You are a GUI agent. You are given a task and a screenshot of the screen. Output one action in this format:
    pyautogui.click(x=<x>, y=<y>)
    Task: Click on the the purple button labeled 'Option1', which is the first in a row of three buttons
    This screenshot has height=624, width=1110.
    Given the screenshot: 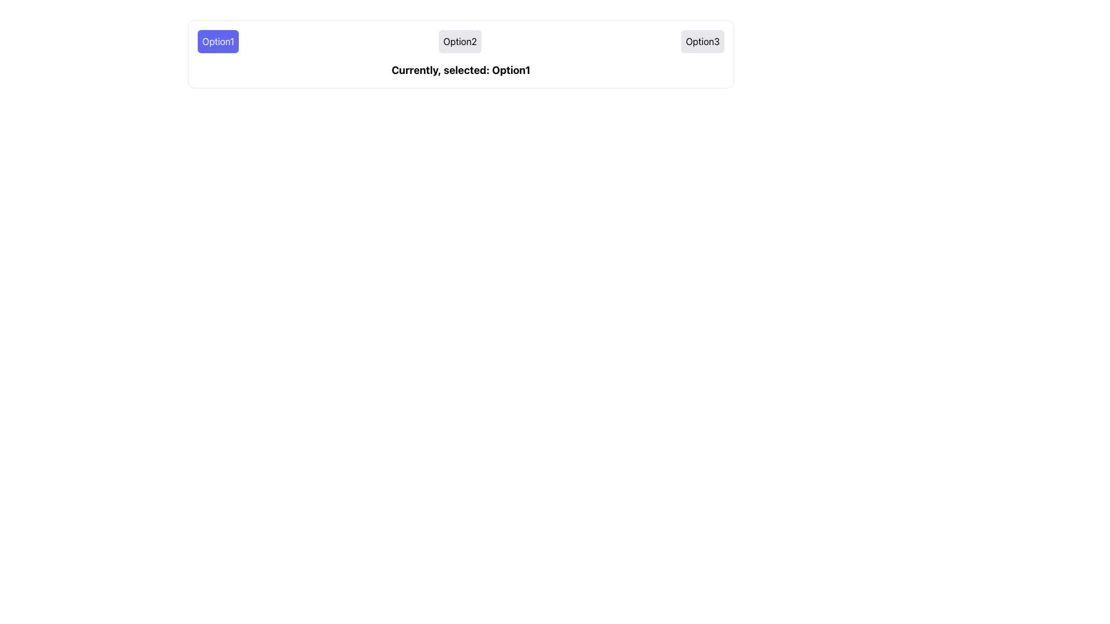 What is the action you would take?
    pyautogui.click(x=218, y=41)
    